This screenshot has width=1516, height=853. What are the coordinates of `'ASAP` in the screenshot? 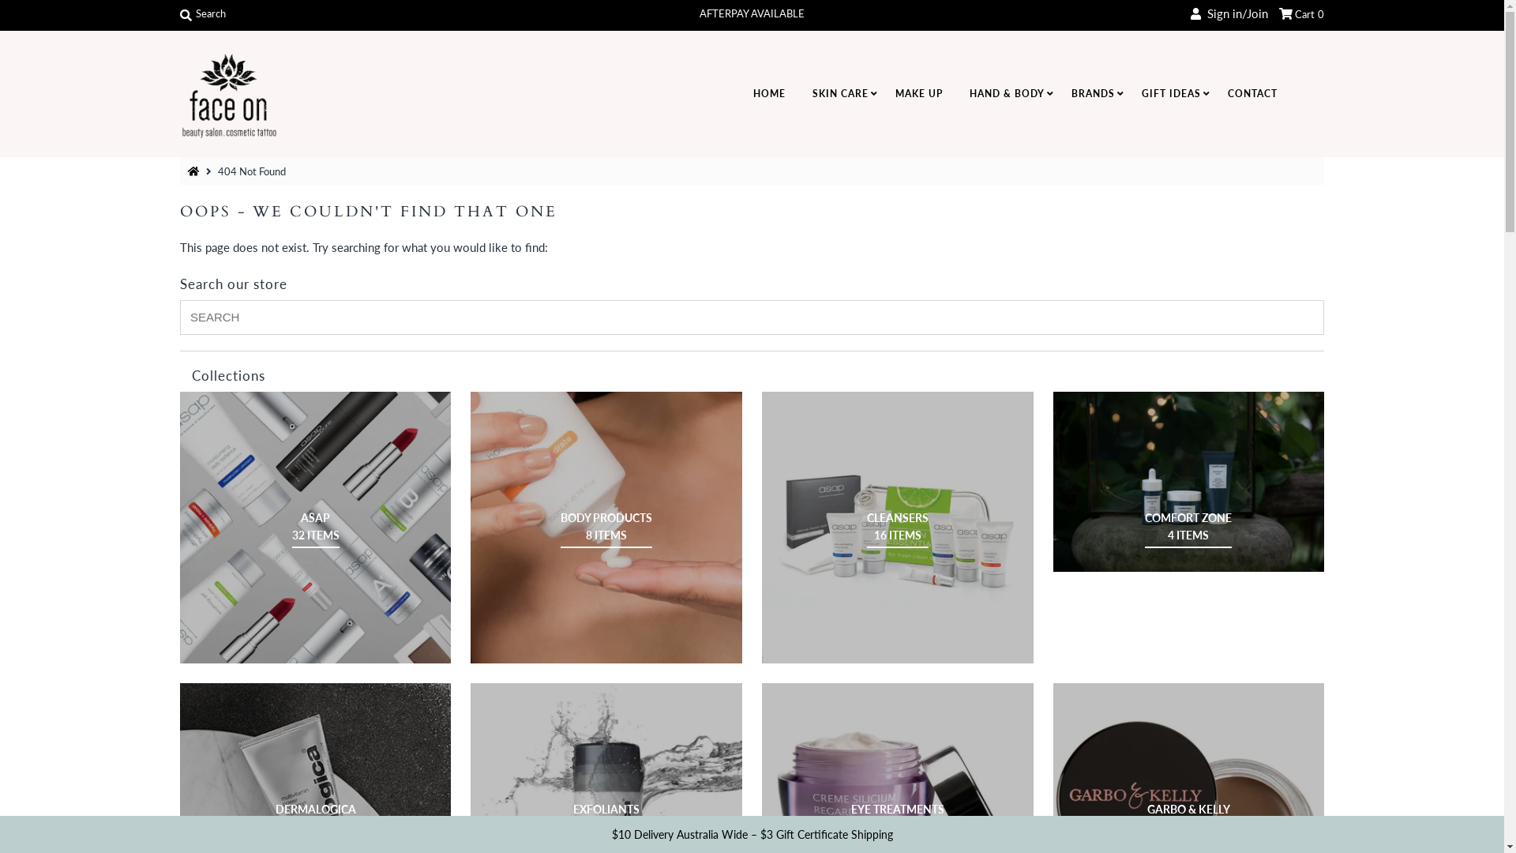 It's located at (315, 527).